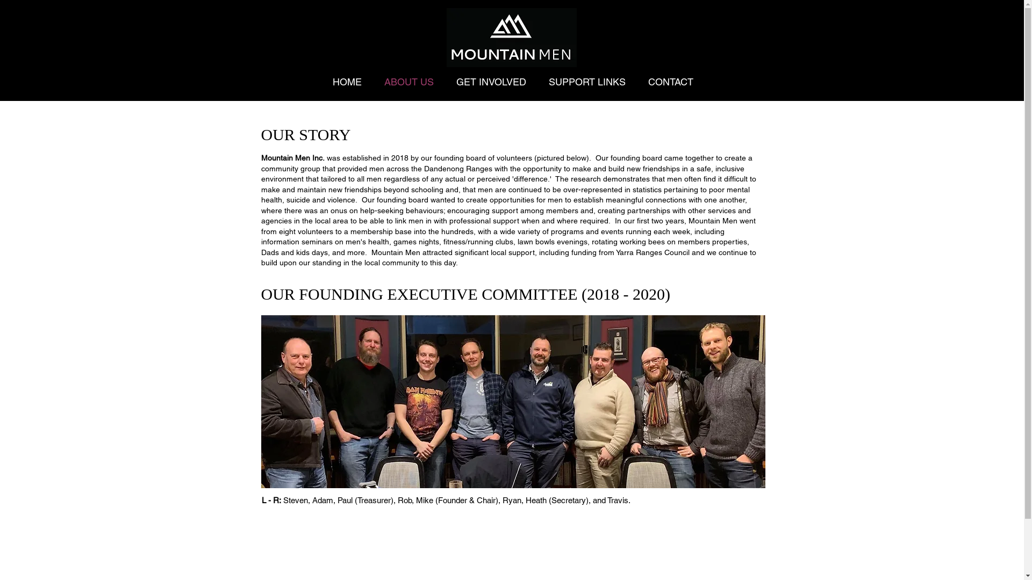 The height and width of the screenshot is (580, 1032). What do you see at coordinates (445, 81) in the screenshot?
I see `'GET INVOLVED'` at bounding box center [445, 81].